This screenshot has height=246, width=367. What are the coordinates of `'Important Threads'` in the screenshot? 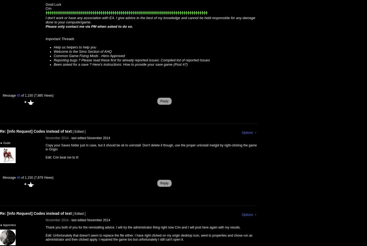 It's located at (59, 38).